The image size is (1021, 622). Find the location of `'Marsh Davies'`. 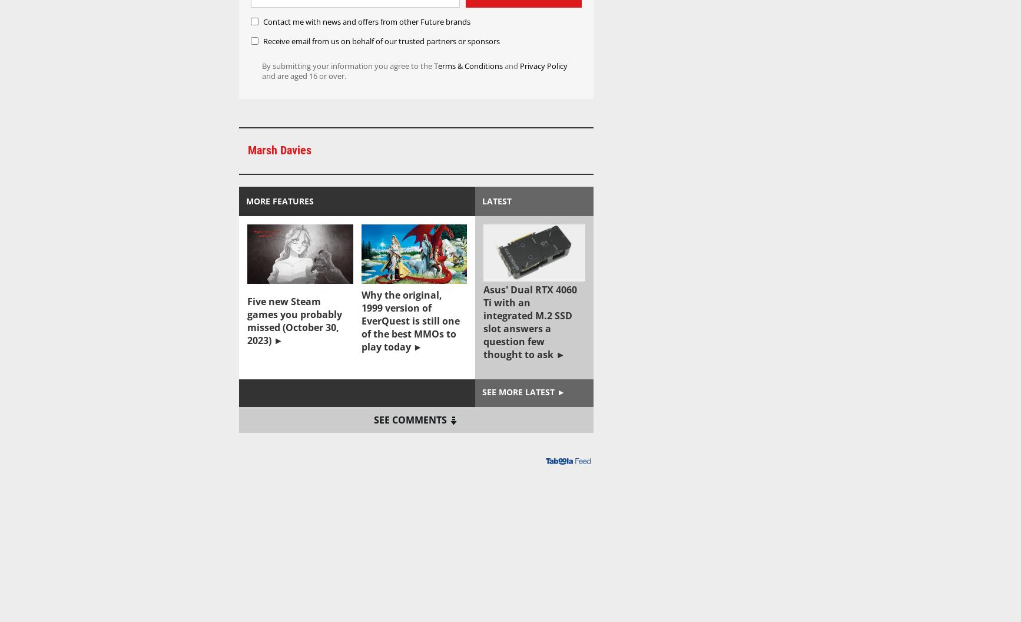

'Marsh Davies' is located at coordinates (279, 150).